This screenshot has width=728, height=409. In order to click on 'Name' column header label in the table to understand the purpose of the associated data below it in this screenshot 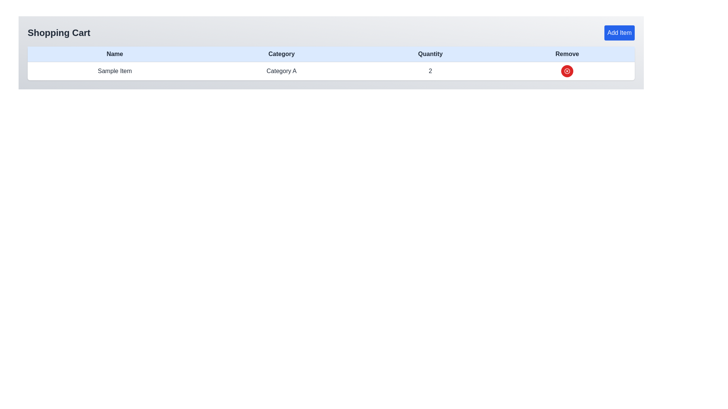, I will do `click(114, 54)`.